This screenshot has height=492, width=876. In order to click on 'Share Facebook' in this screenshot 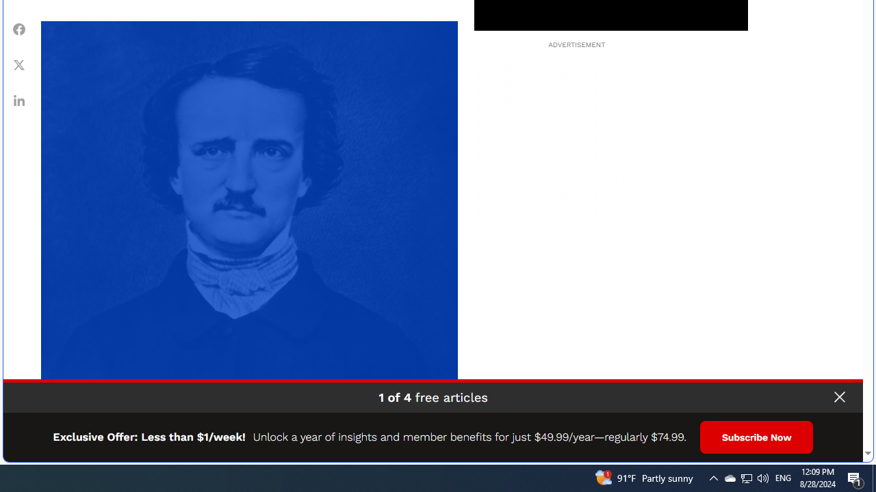, I will do `click(19, 29)`.